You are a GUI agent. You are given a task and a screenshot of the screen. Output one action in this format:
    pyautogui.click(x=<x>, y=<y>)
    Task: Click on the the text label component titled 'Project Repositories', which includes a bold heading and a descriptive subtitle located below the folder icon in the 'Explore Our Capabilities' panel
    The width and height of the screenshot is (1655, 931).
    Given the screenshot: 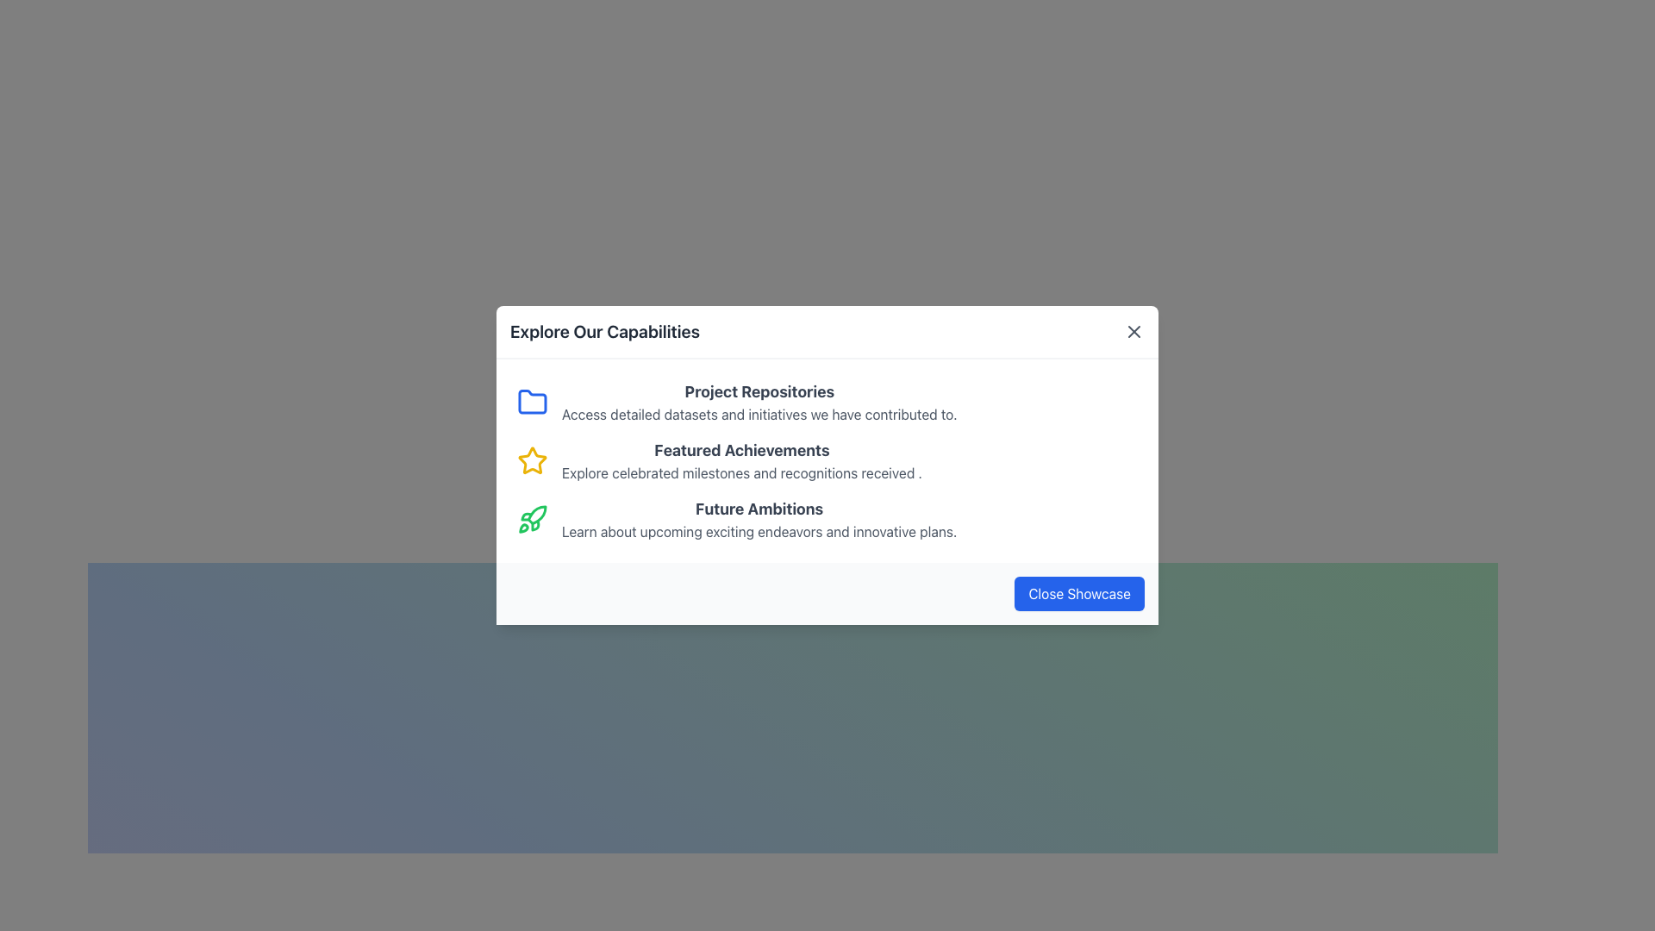 What is the action you would take?
    pyautogui.click(x=759, y=402)
    